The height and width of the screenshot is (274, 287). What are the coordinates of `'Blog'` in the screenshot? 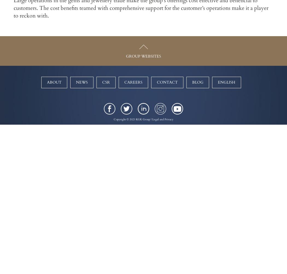 It's located at (192, 82).